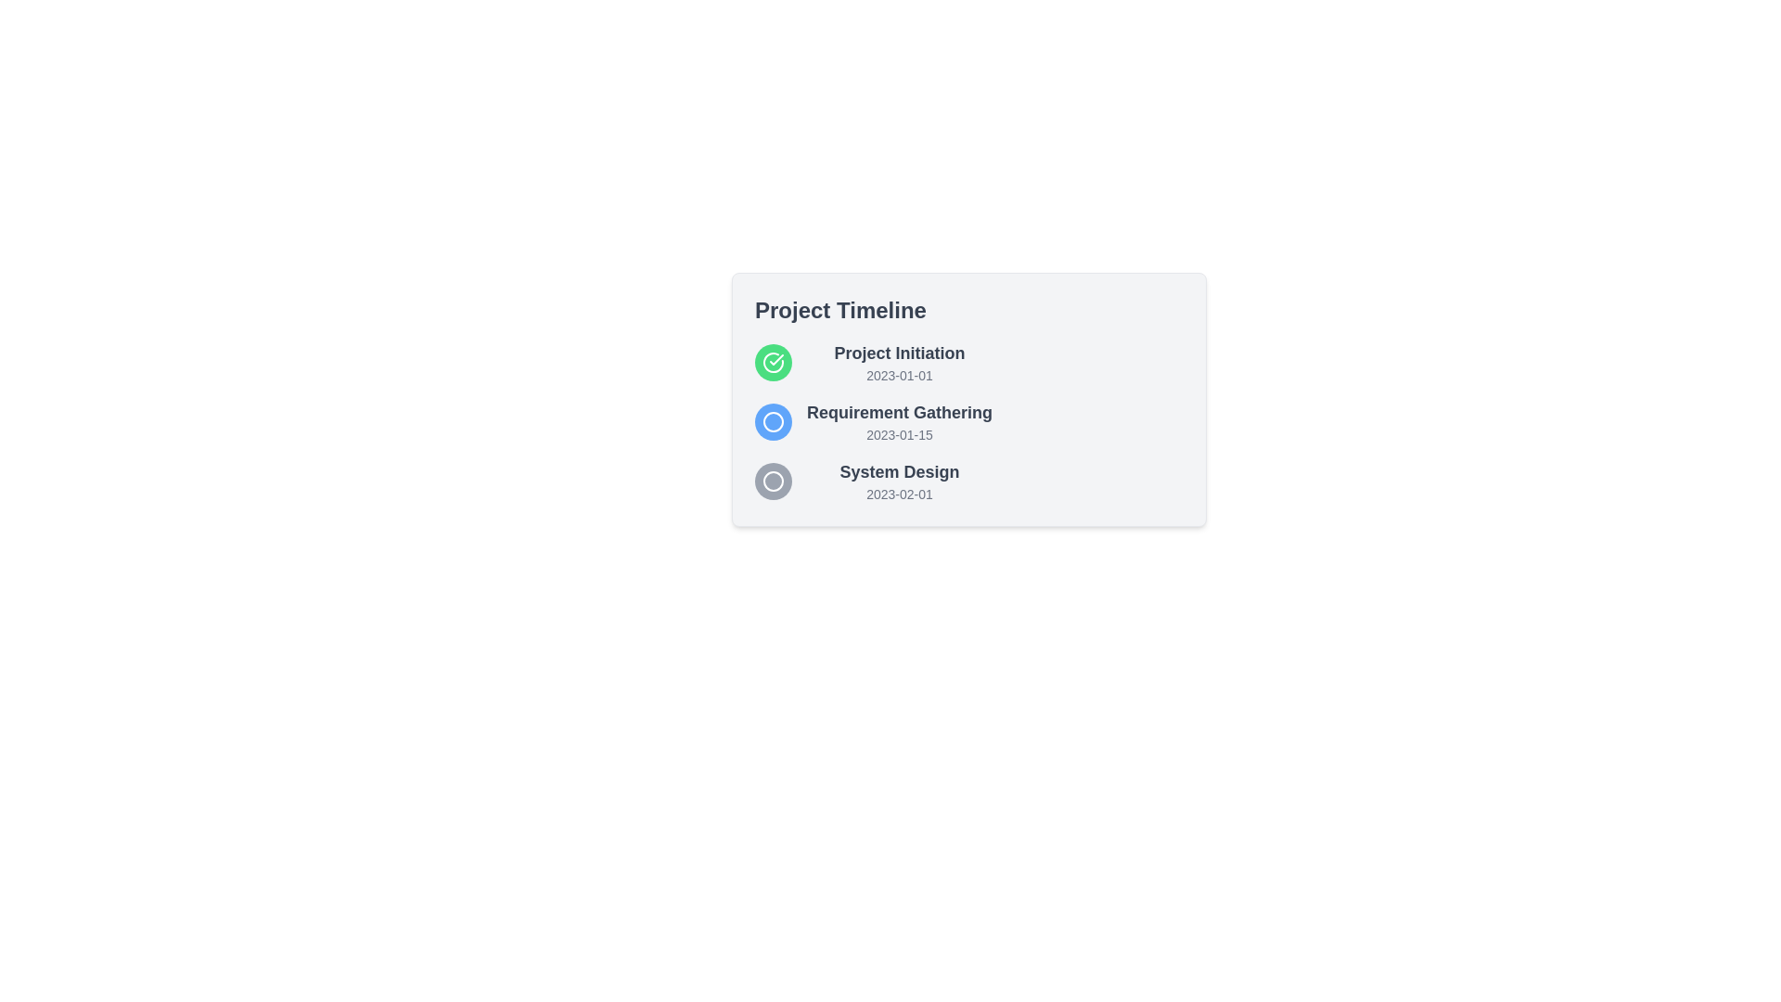 The height and width of the screenshot is (1002, 1781). What do you see at coordinates (774, 481) in the screenshot?
I see `the third circular status icon with a gray background and white stroke outline, located in the 'Project Timeline' card, next to 'System Design'` at bounding box center [774, 481].